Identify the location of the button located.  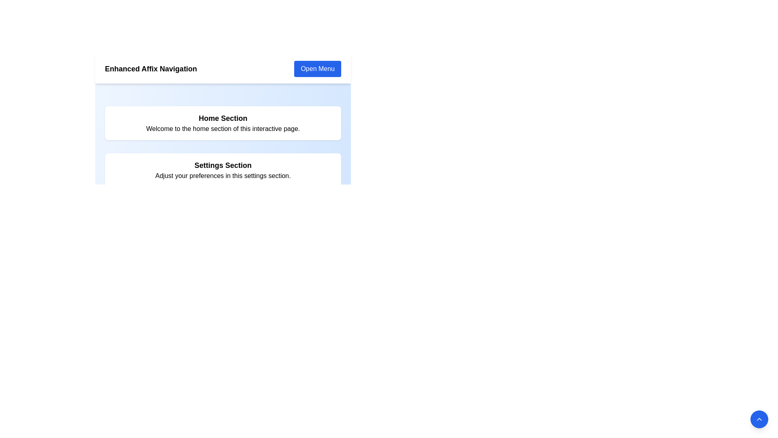
(317, 68).